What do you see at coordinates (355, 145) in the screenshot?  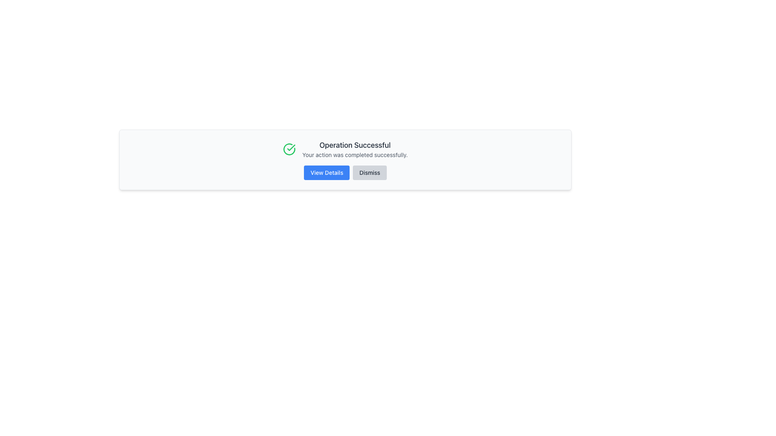 I see `the Static Text Label indicating successful completion of an operation, which is positioned above the text 'Your action was completed successfully.'` at bounding box center [355, 145].